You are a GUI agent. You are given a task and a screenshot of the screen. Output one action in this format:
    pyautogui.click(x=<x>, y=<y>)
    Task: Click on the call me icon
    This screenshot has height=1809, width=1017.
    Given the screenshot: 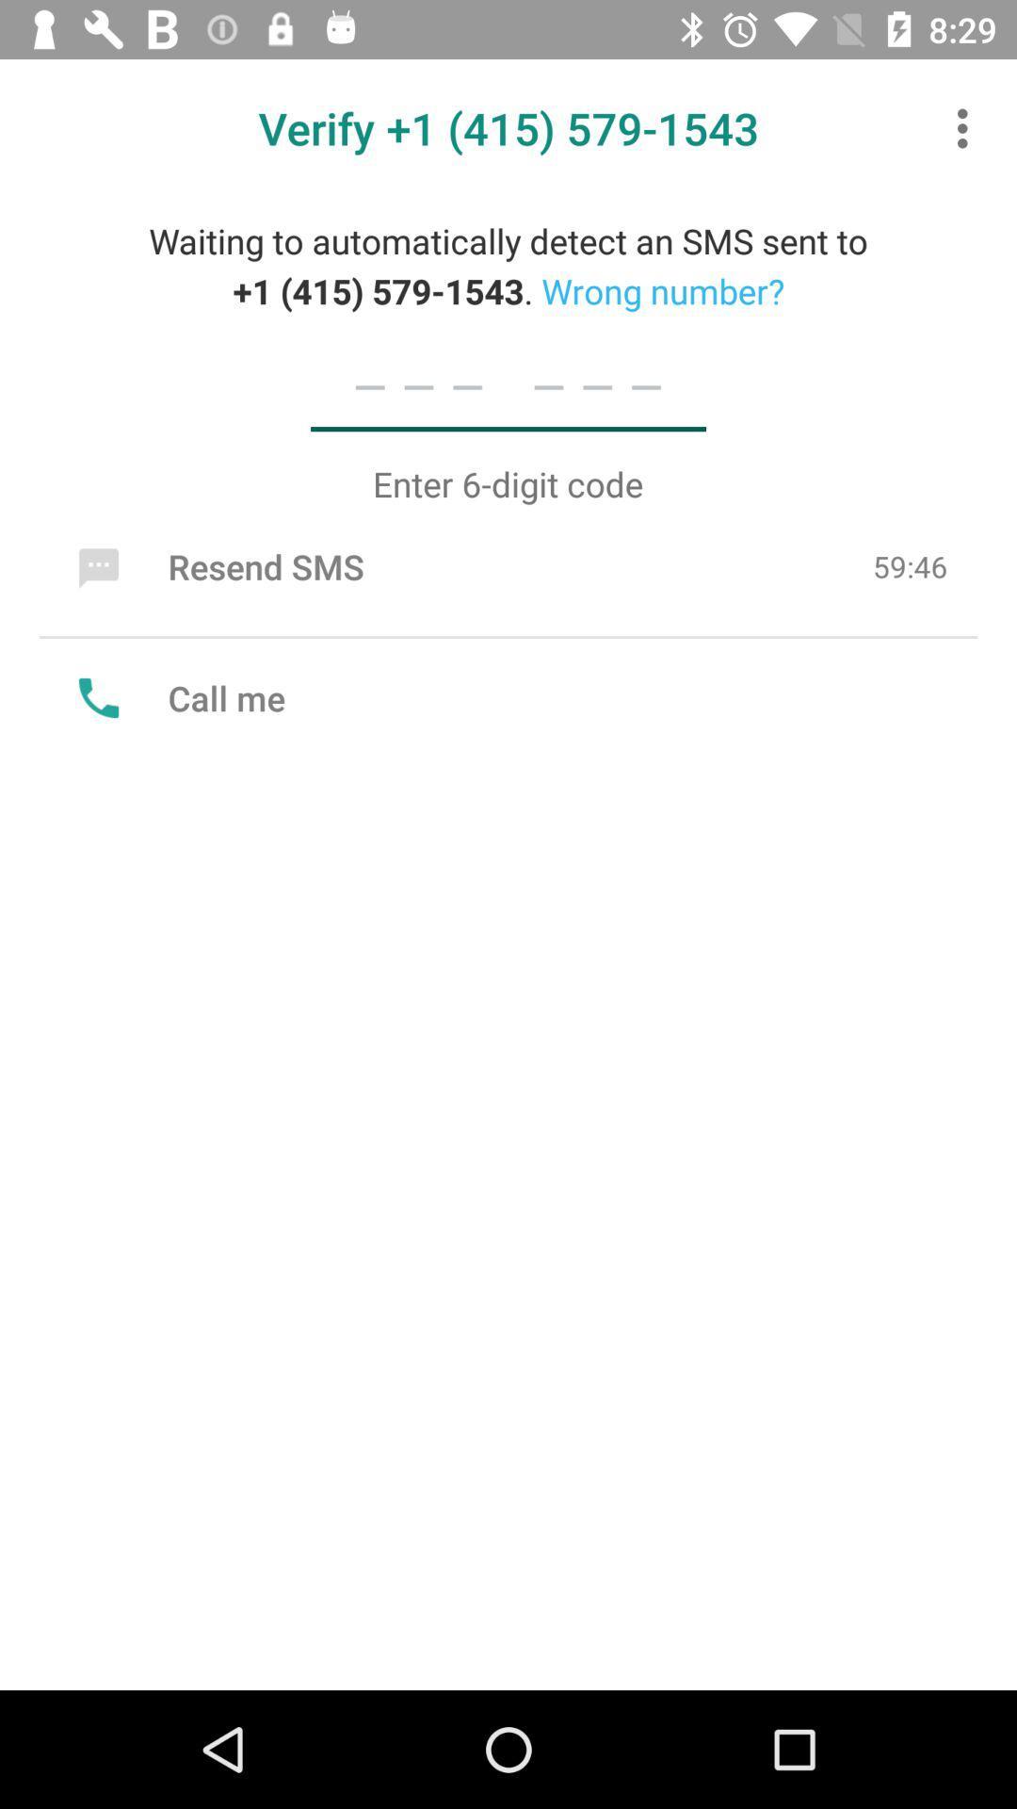 What is the action you would take?
    pyautogui.click(x=177, y=696)
    